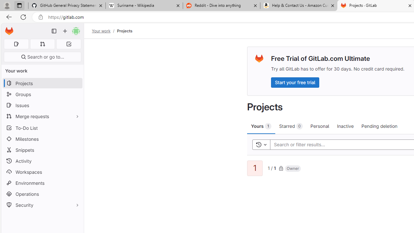 The height and width of the screenshot is (233, 414). What do you see at coordinates (295, 82) in the screenshot?
I see `'Start your free trial'` at bounding box center [295, 82].